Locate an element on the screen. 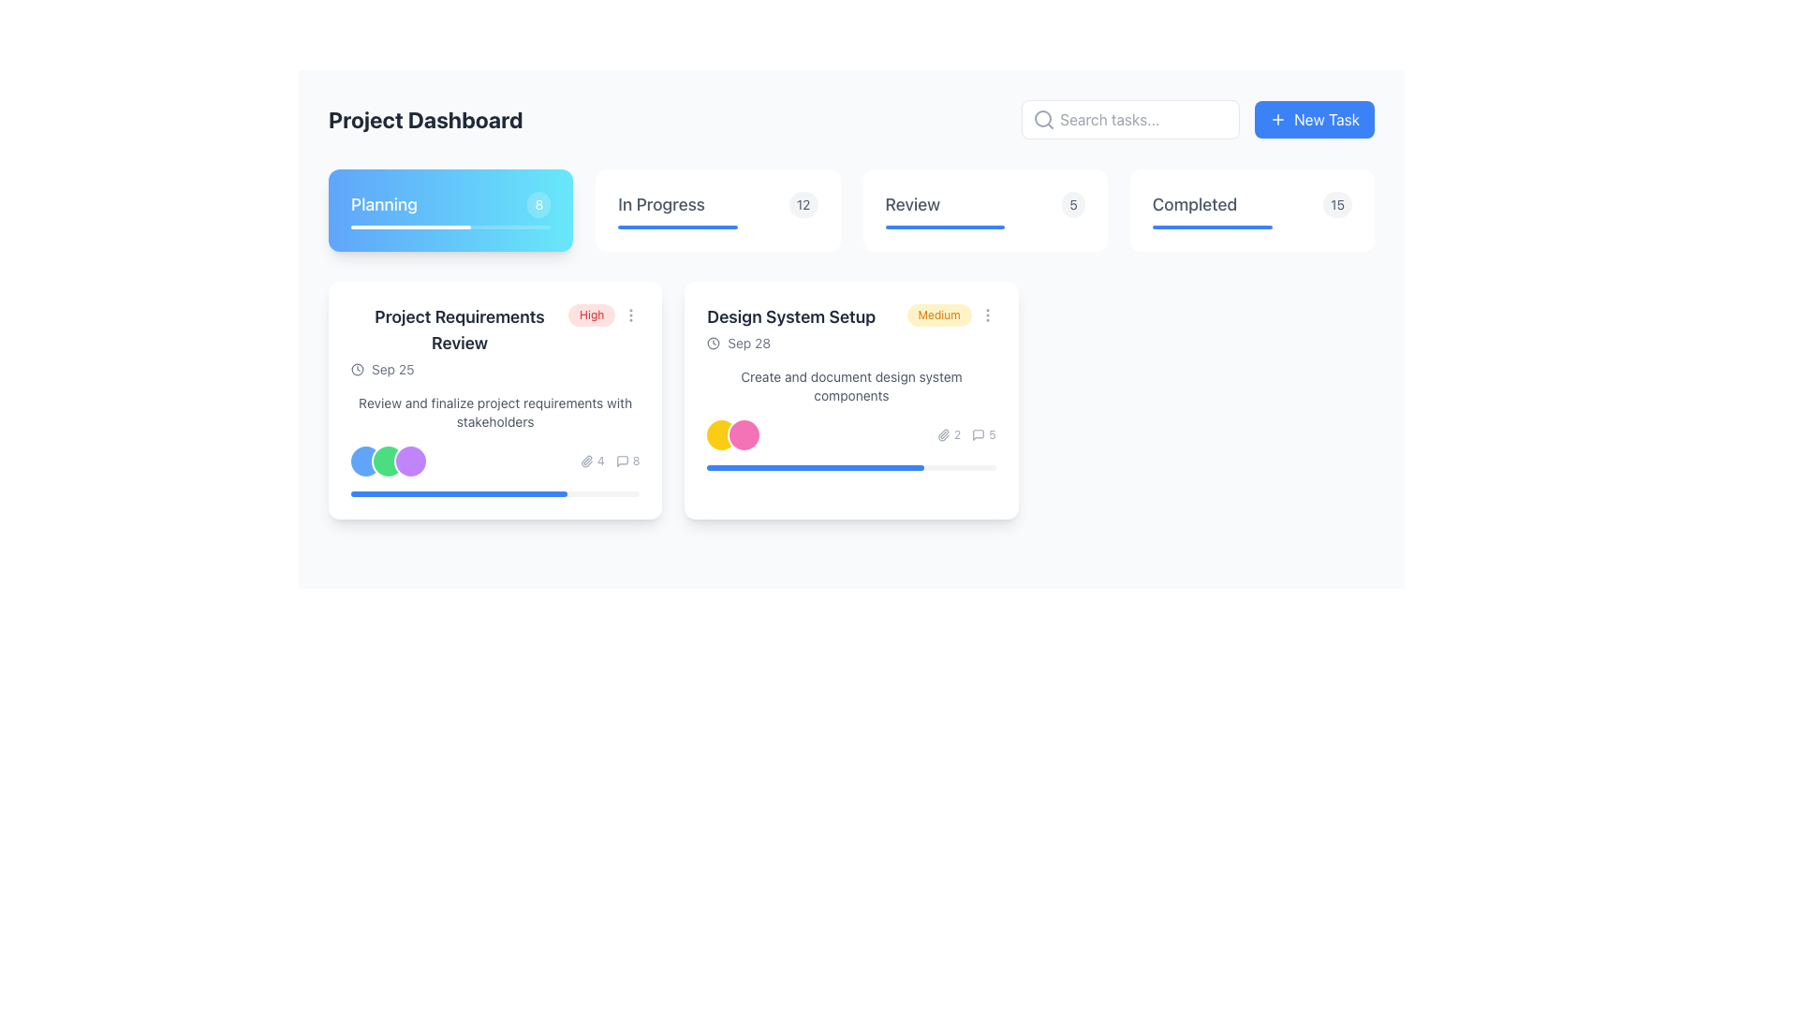 The height and width of the screenshot is (1011, 1798). visually filled segment of the progress bar located within the 'Design System Setup' card, which is filled to 75% and colored blue is located at coordinates (815, 467).